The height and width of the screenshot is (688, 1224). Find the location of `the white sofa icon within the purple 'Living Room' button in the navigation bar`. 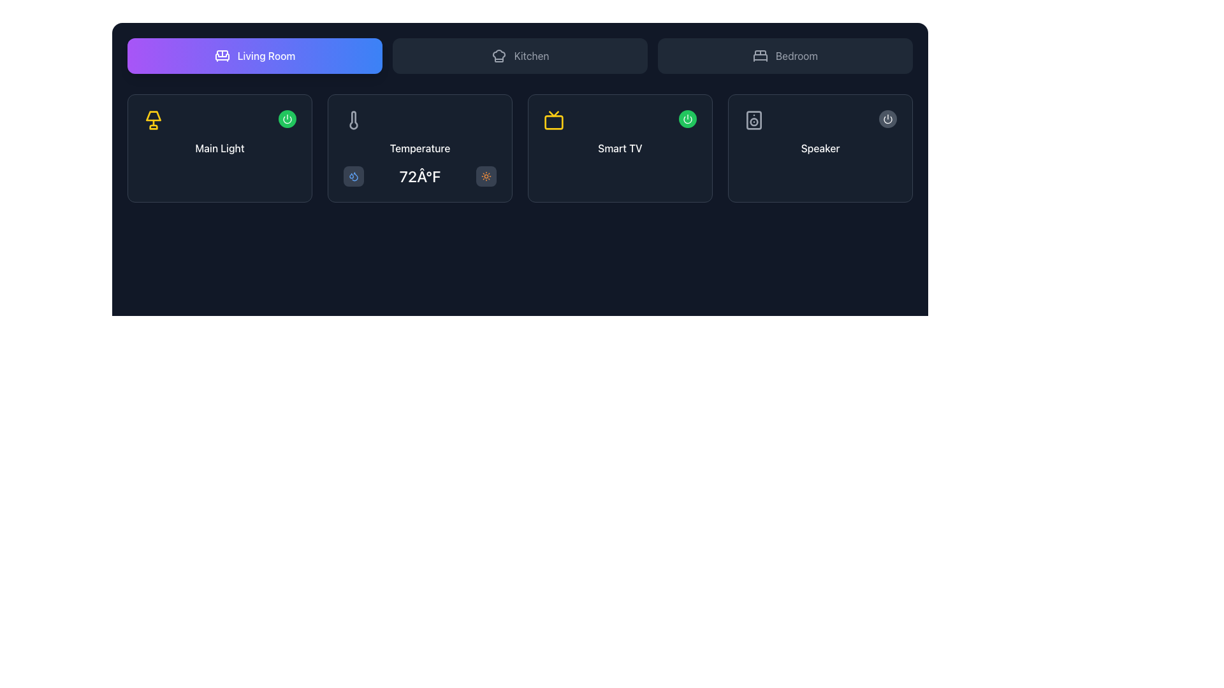

the white sofa icon within the purple 'Living Room' button in the navigation bar is located at coordinates (222, 55).